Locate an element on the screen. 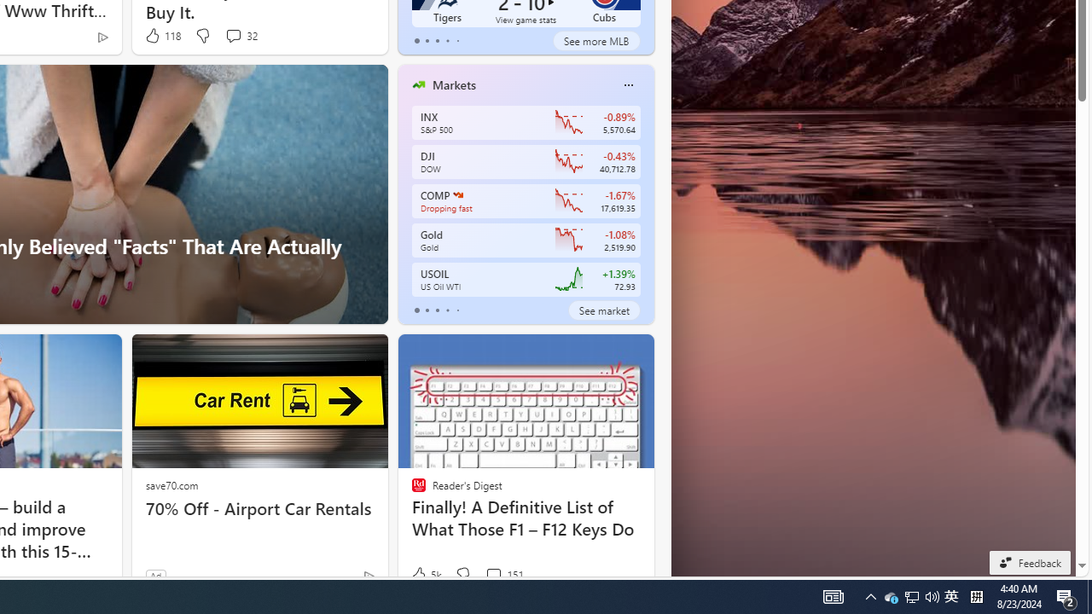 This screenshot has width=1092, height=614. 'tab-0' is located at coordinates (416, 310).